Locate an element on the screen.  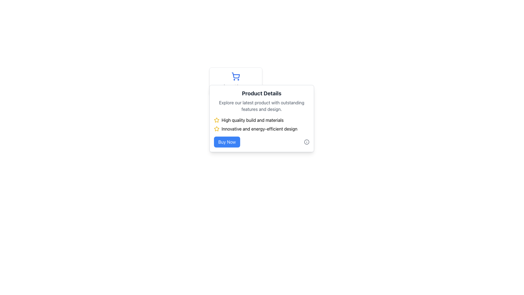
the shopping icon located at the top of the 'Product Showcase' card, which symbolizes purchasing and product display is located at coordinates (236, 76).